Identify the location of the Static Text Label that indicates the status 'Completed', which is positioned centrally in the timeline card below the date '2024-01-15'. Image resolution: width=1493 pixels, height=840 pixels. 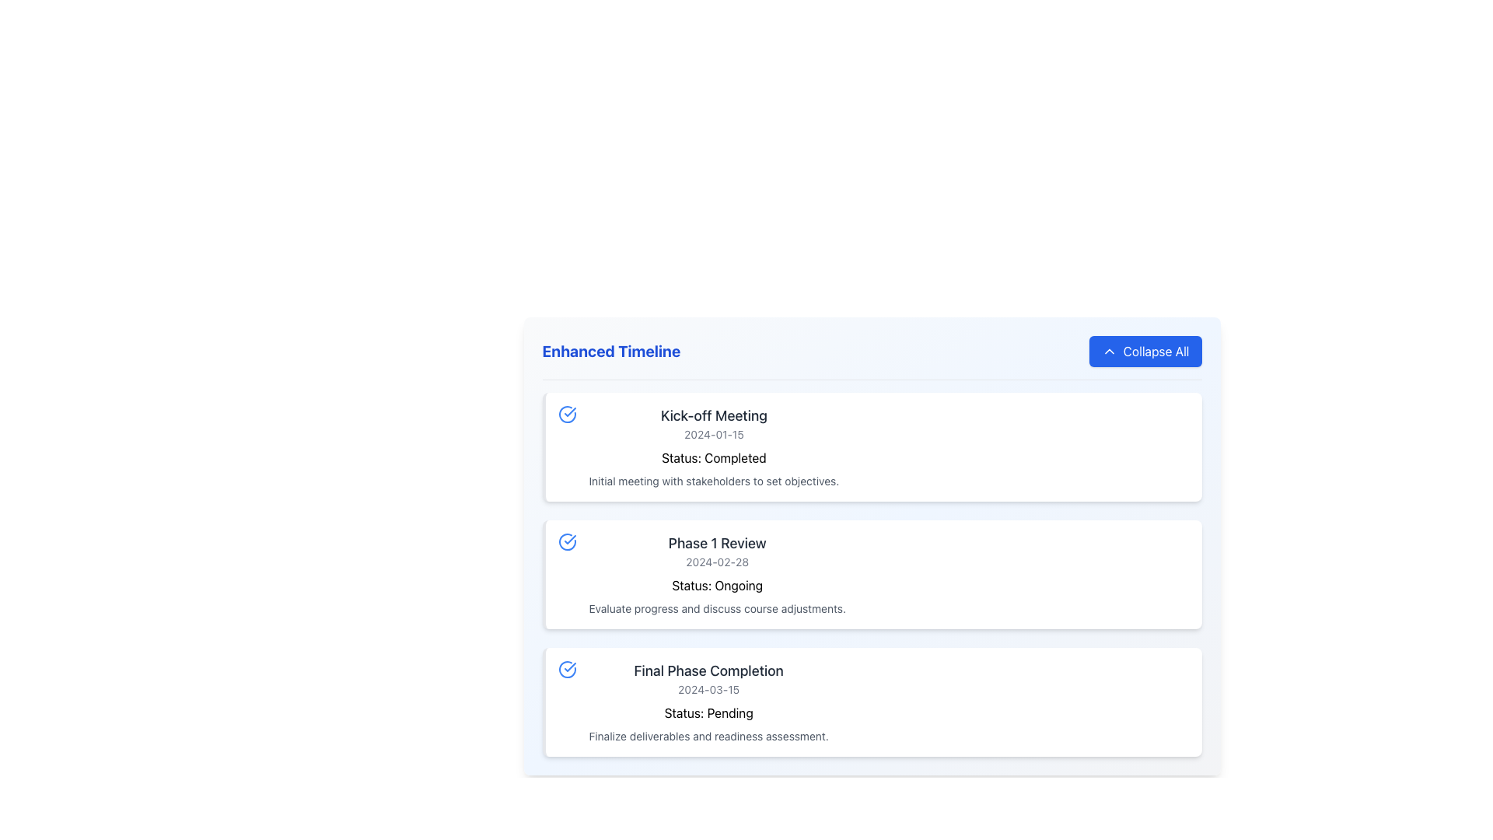
(713, 455).